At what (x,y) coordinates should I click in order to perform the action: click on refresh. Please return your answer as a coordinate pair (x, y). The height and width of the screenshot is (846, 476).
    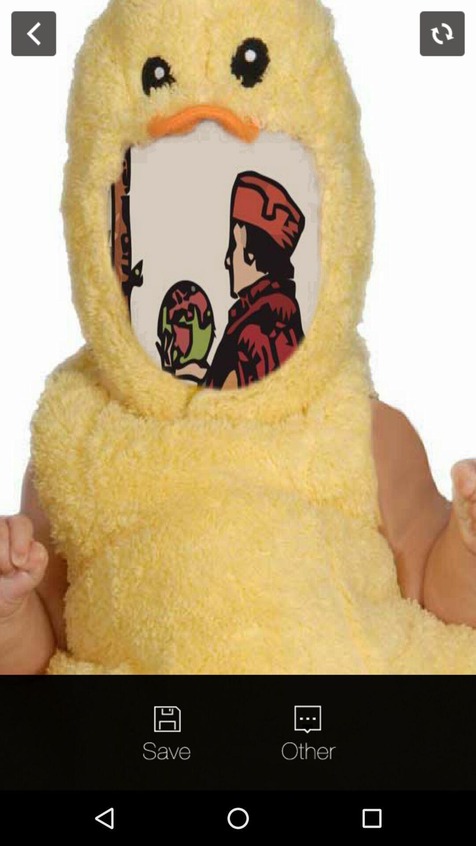
    Looking at the image, I should click on (442, 33).